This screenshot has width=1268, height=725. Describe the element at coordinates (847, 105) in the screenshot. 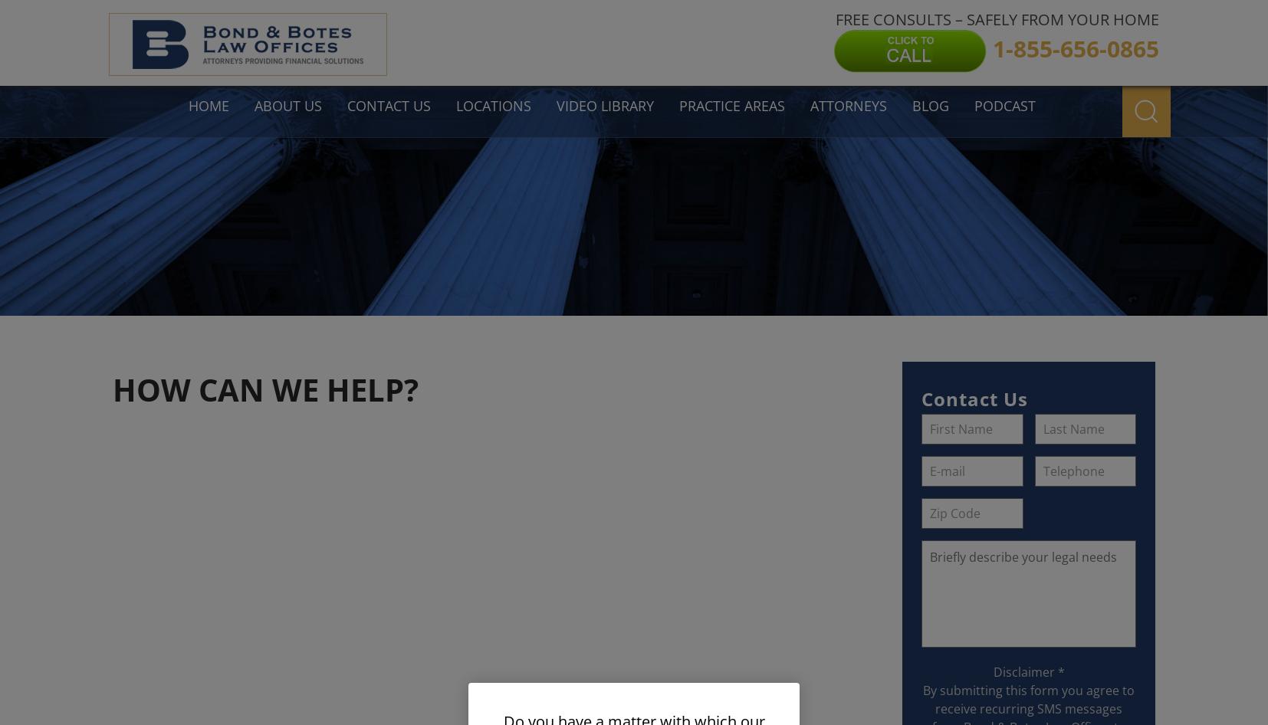

I see `'Attorneys'` at that location.